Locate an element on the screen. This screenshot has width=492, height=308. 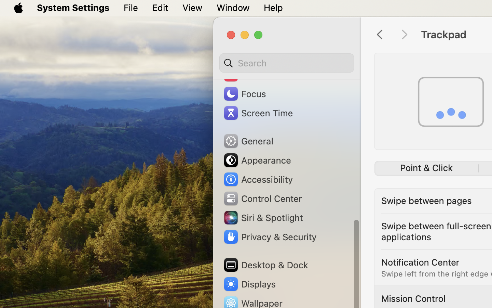
'Focus' is located at coordinates (244, 93).